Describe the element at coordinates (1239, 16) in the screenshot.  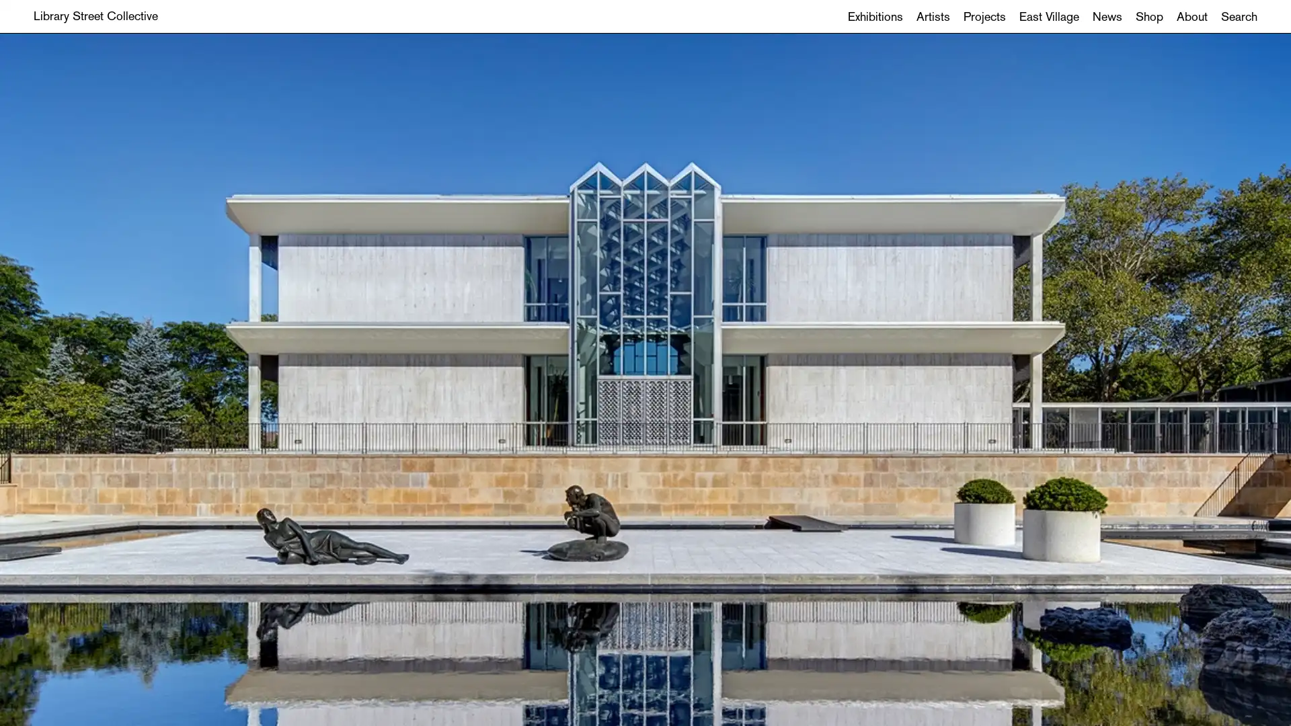
I see `Search` at that location.